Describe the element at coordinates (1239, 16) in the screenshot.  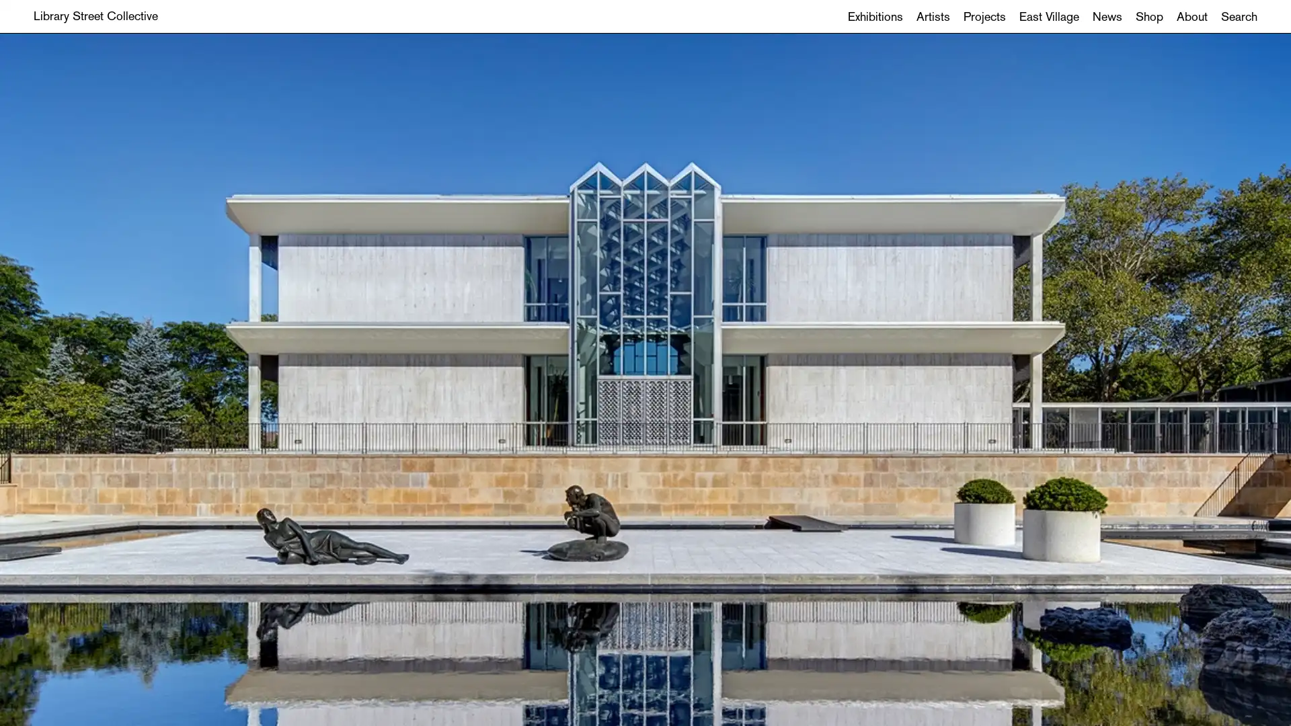
I see `Search` at that location.